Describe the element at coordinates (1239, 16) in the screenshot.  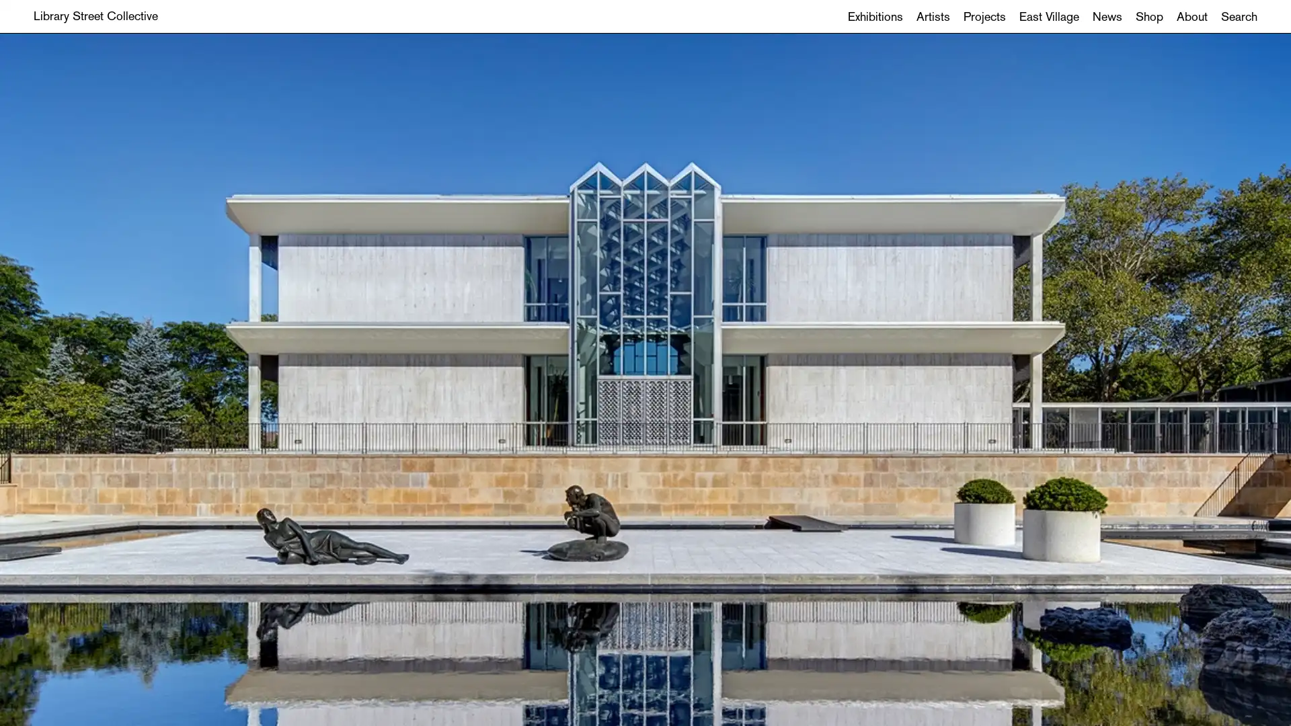
I see `Search` at that location.